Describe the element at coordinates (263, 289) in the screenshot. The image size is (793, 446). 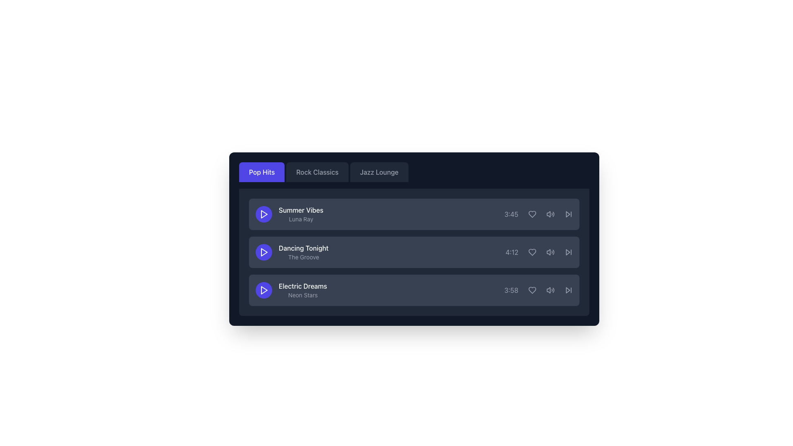
I see `the circular button with an indigo background and a white play icon, located to the left of the song title 'Electric Dreams' and subtitle 'Neon Stars'` at that location.